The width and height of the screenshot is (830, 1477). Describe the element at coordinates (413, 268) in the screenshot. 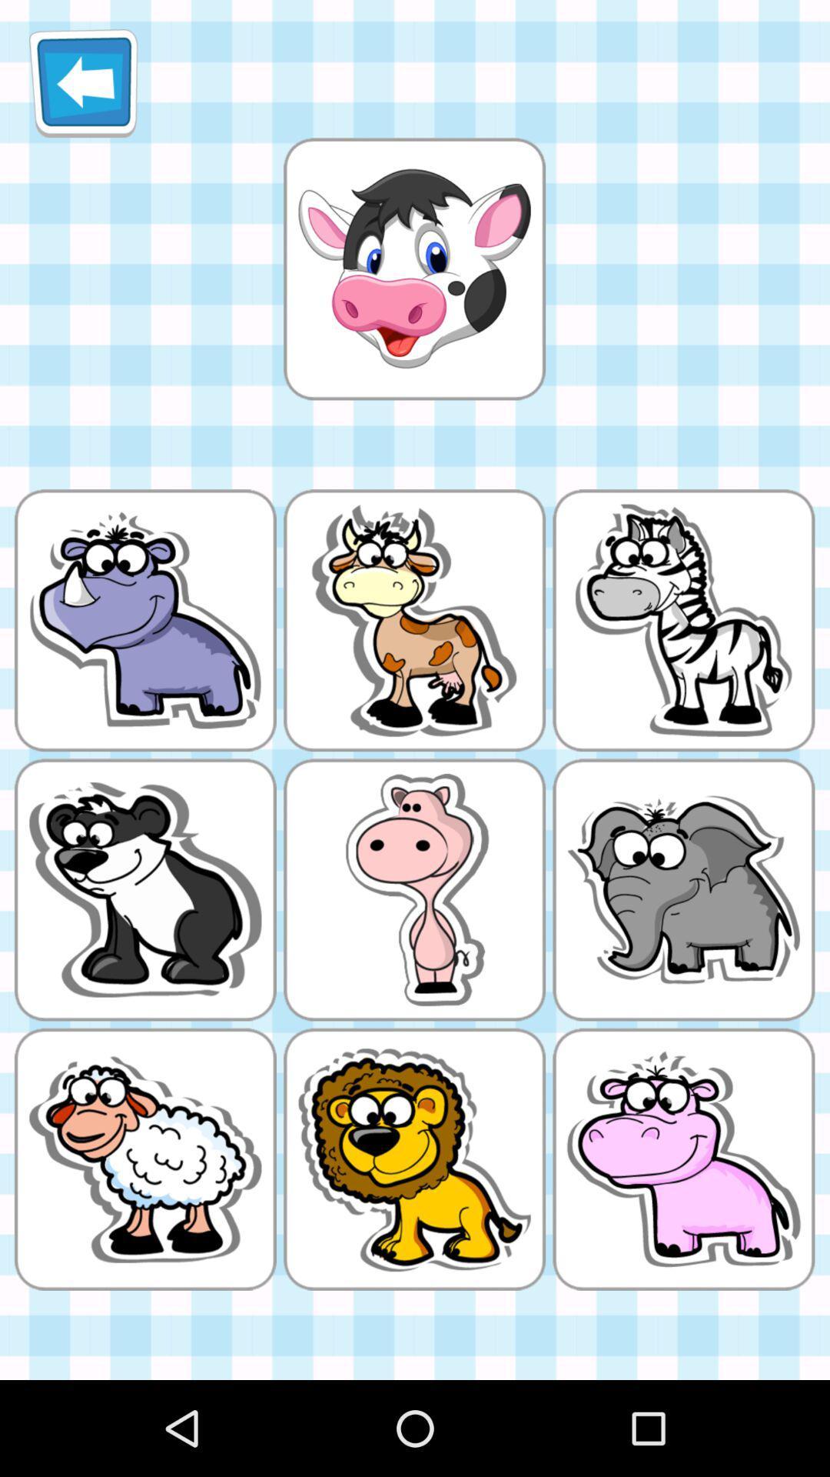

I see `pic` at that location.